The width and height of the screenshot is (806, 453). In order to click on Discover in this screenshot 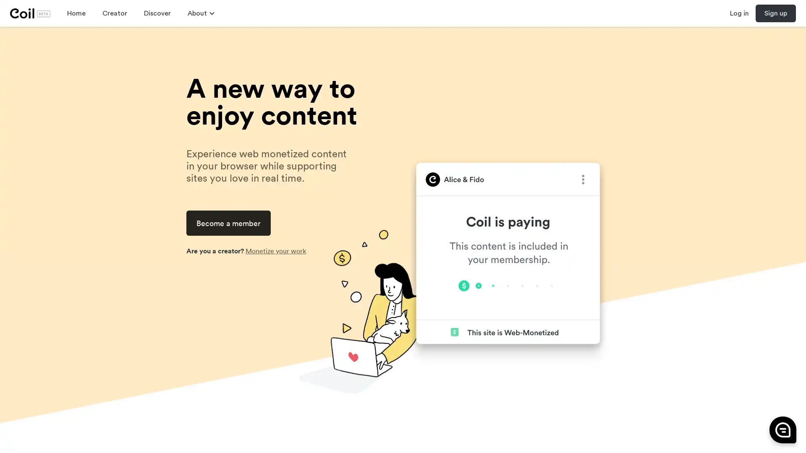, I will do `click(157, 13)`.